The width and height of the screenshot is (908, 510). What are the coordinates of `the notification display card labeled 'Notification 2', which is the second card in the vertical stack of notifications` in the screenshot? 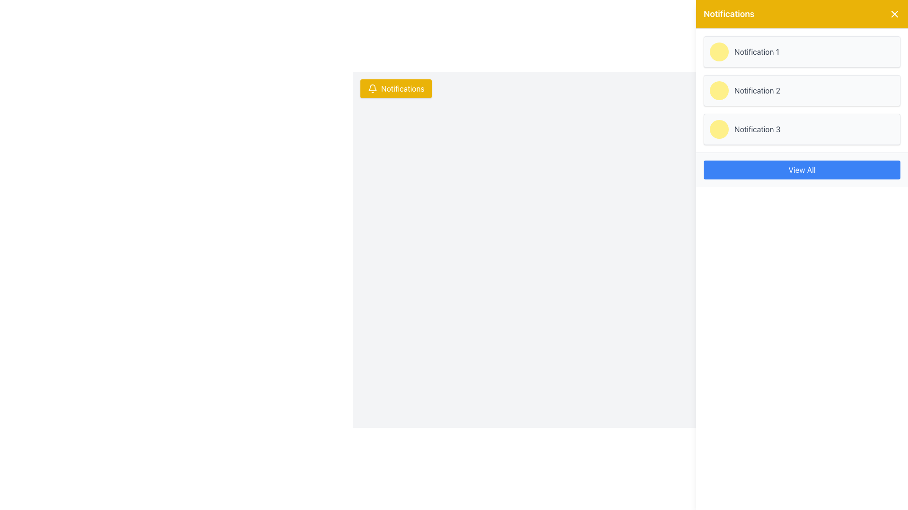 It's located at (801, 91).